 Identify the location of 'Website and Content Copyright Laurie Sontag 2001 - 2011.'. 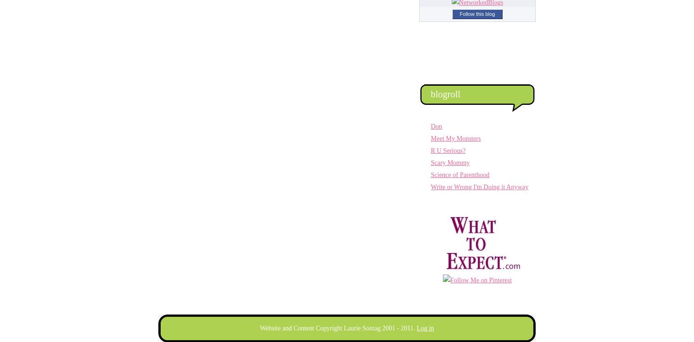
(338, 328).